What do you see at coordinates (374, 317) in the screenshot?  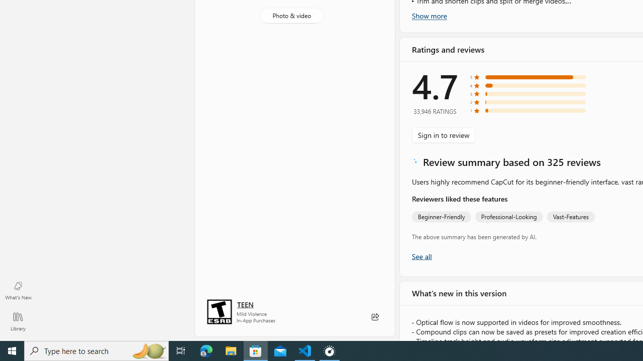 I see `'Share'` at bounding box center [374, 317].